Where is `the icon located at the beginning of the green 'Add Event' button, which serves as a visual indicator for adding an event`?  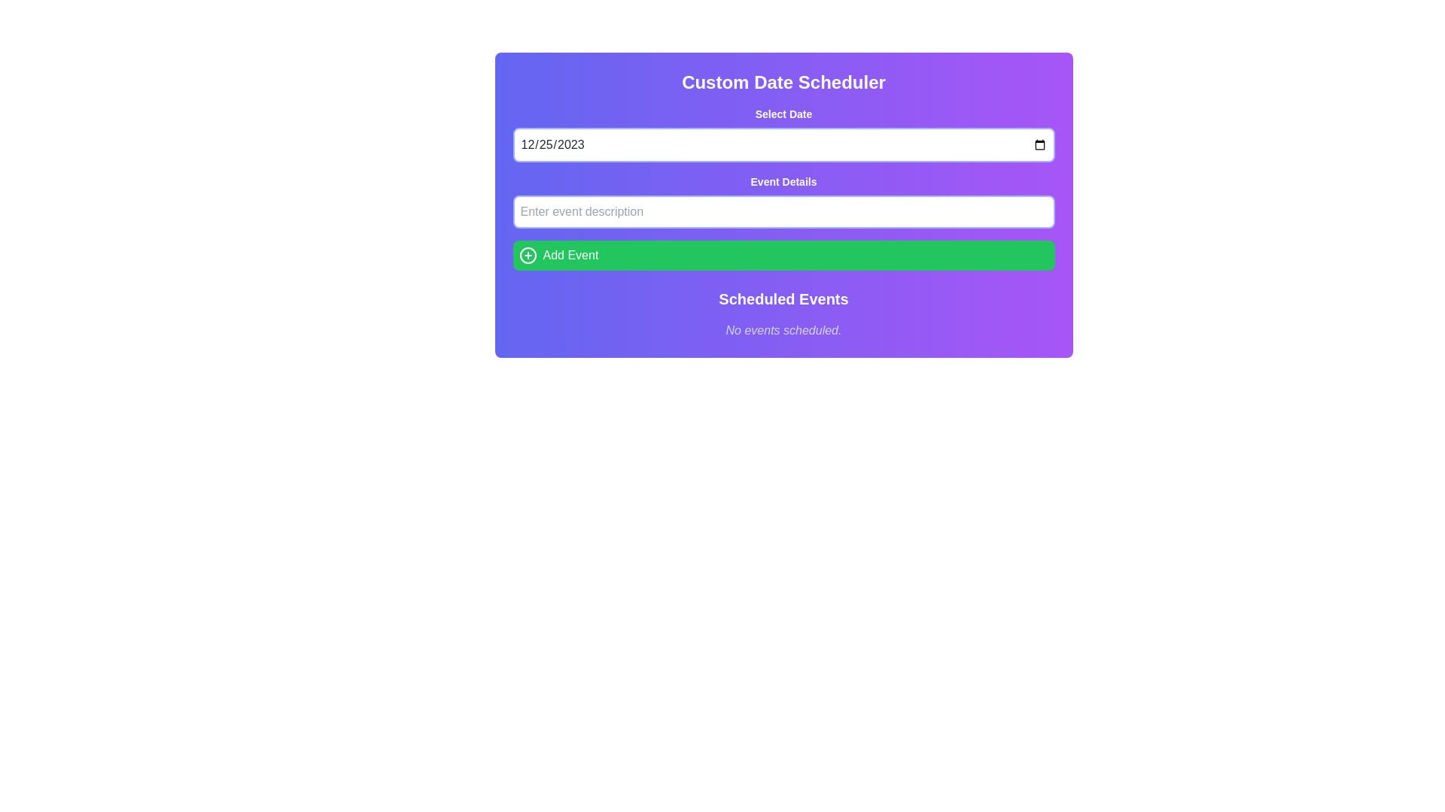 the icon located at the beginning of the green 'Add Event' button, which serves as a visual indicator for adding an event is located at coordinates (528, 254).